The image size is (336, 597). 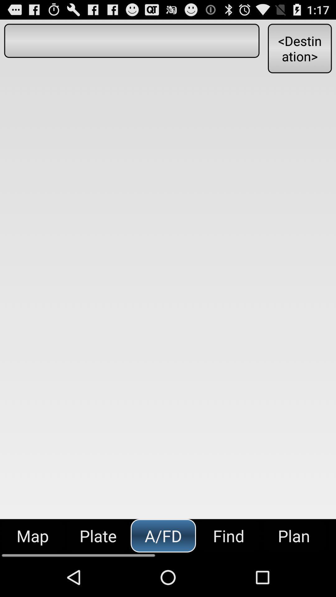 What do you see at coordinates (131, 40) in the screenshot?
I see `button next to the <destination> icon` at bounding box center [131, 40].